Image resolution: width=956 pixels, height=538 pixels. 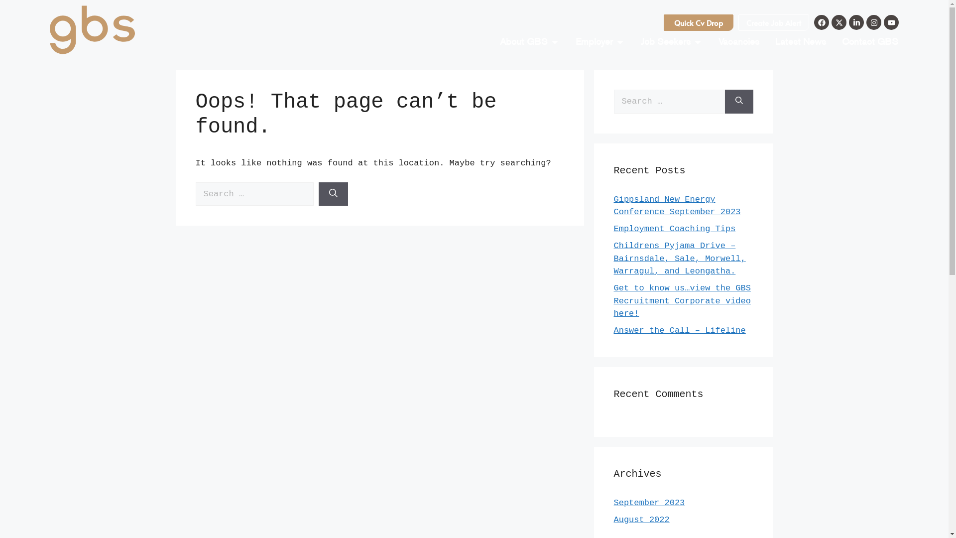 I want to click on 'About GBS', so click(x=523, y=41).